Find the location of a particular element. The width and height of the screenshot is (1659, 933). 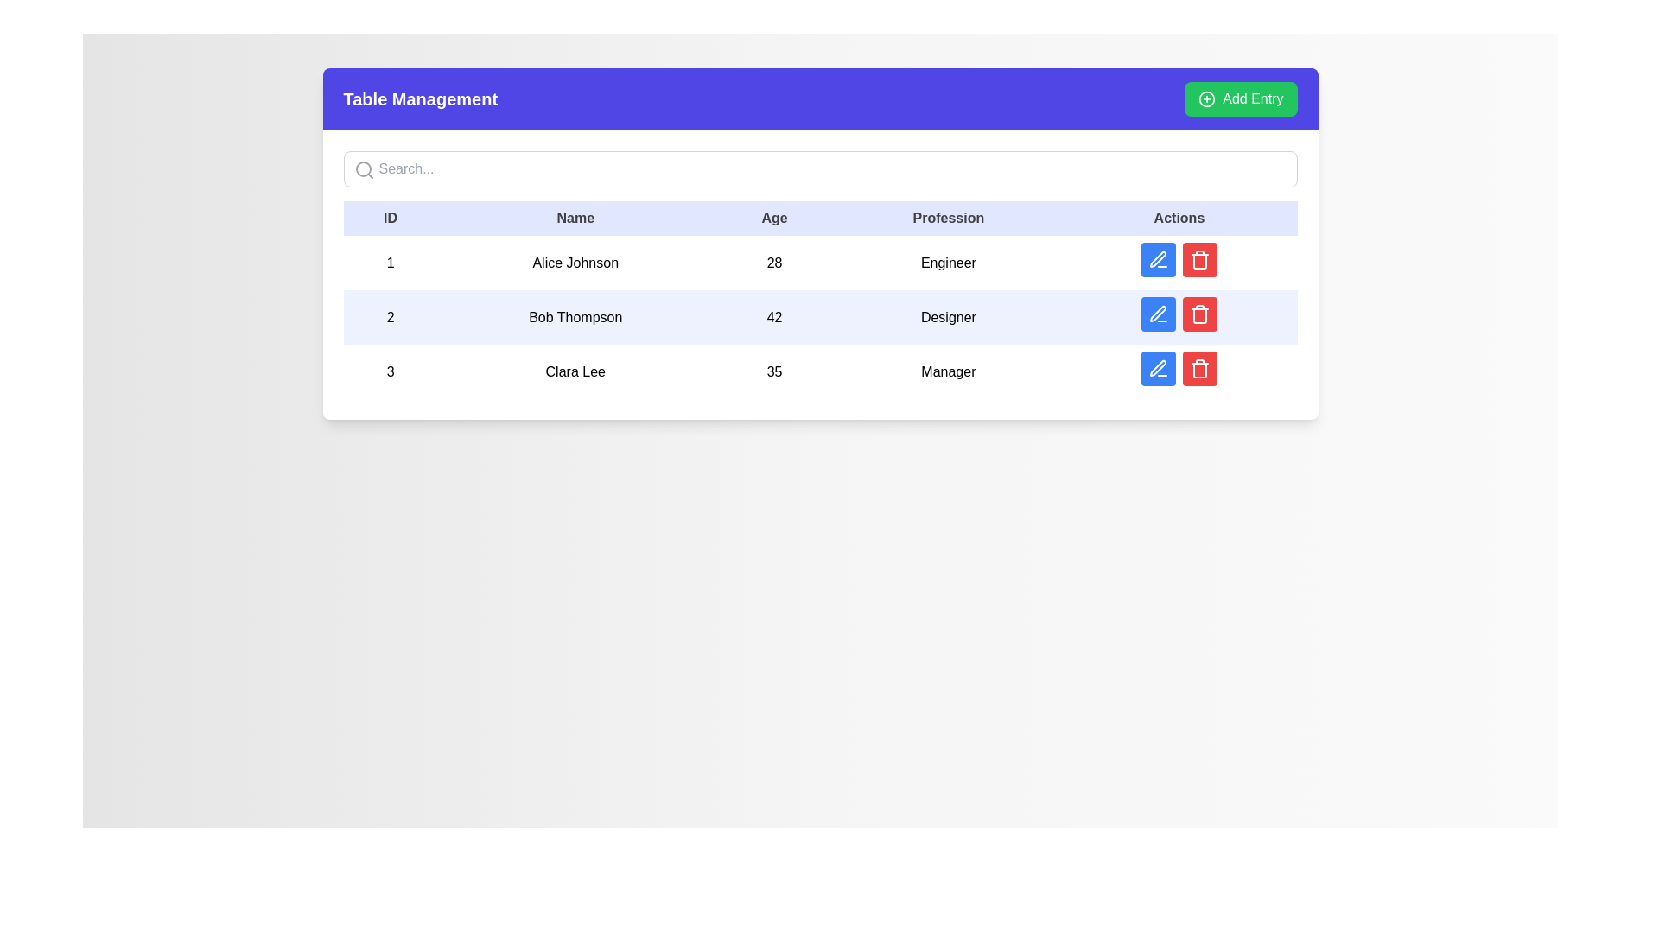

the edit icon button in the actions column of the table for user Alice Johnson is located at coordinates (1158, 259).